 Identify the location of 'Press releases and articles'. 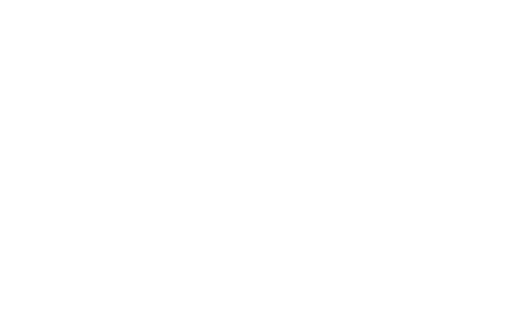
(360, 237).